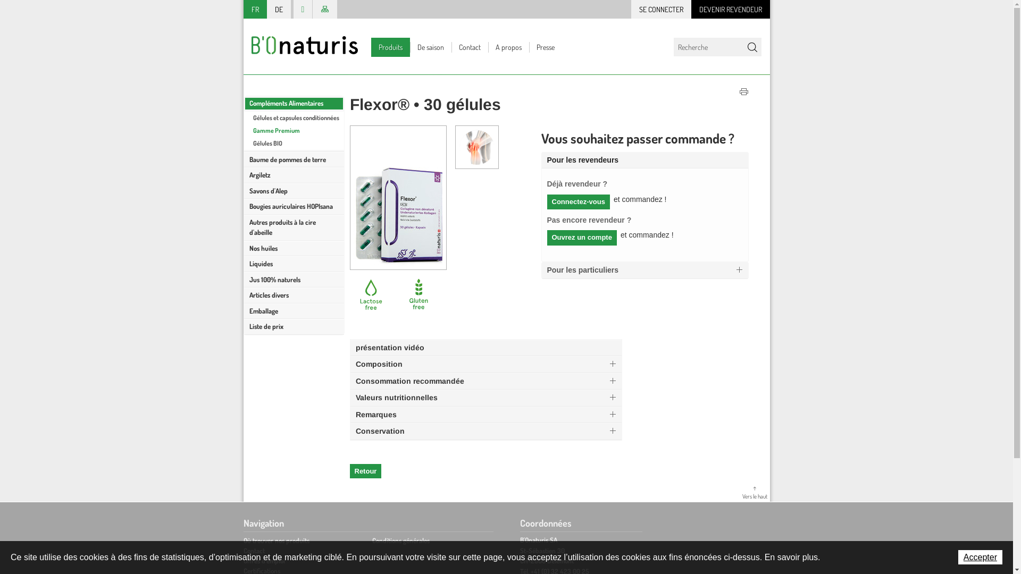 The width and height of the screenshot is (1021, 574). I want to click on 'Produits', so click(371, 46).